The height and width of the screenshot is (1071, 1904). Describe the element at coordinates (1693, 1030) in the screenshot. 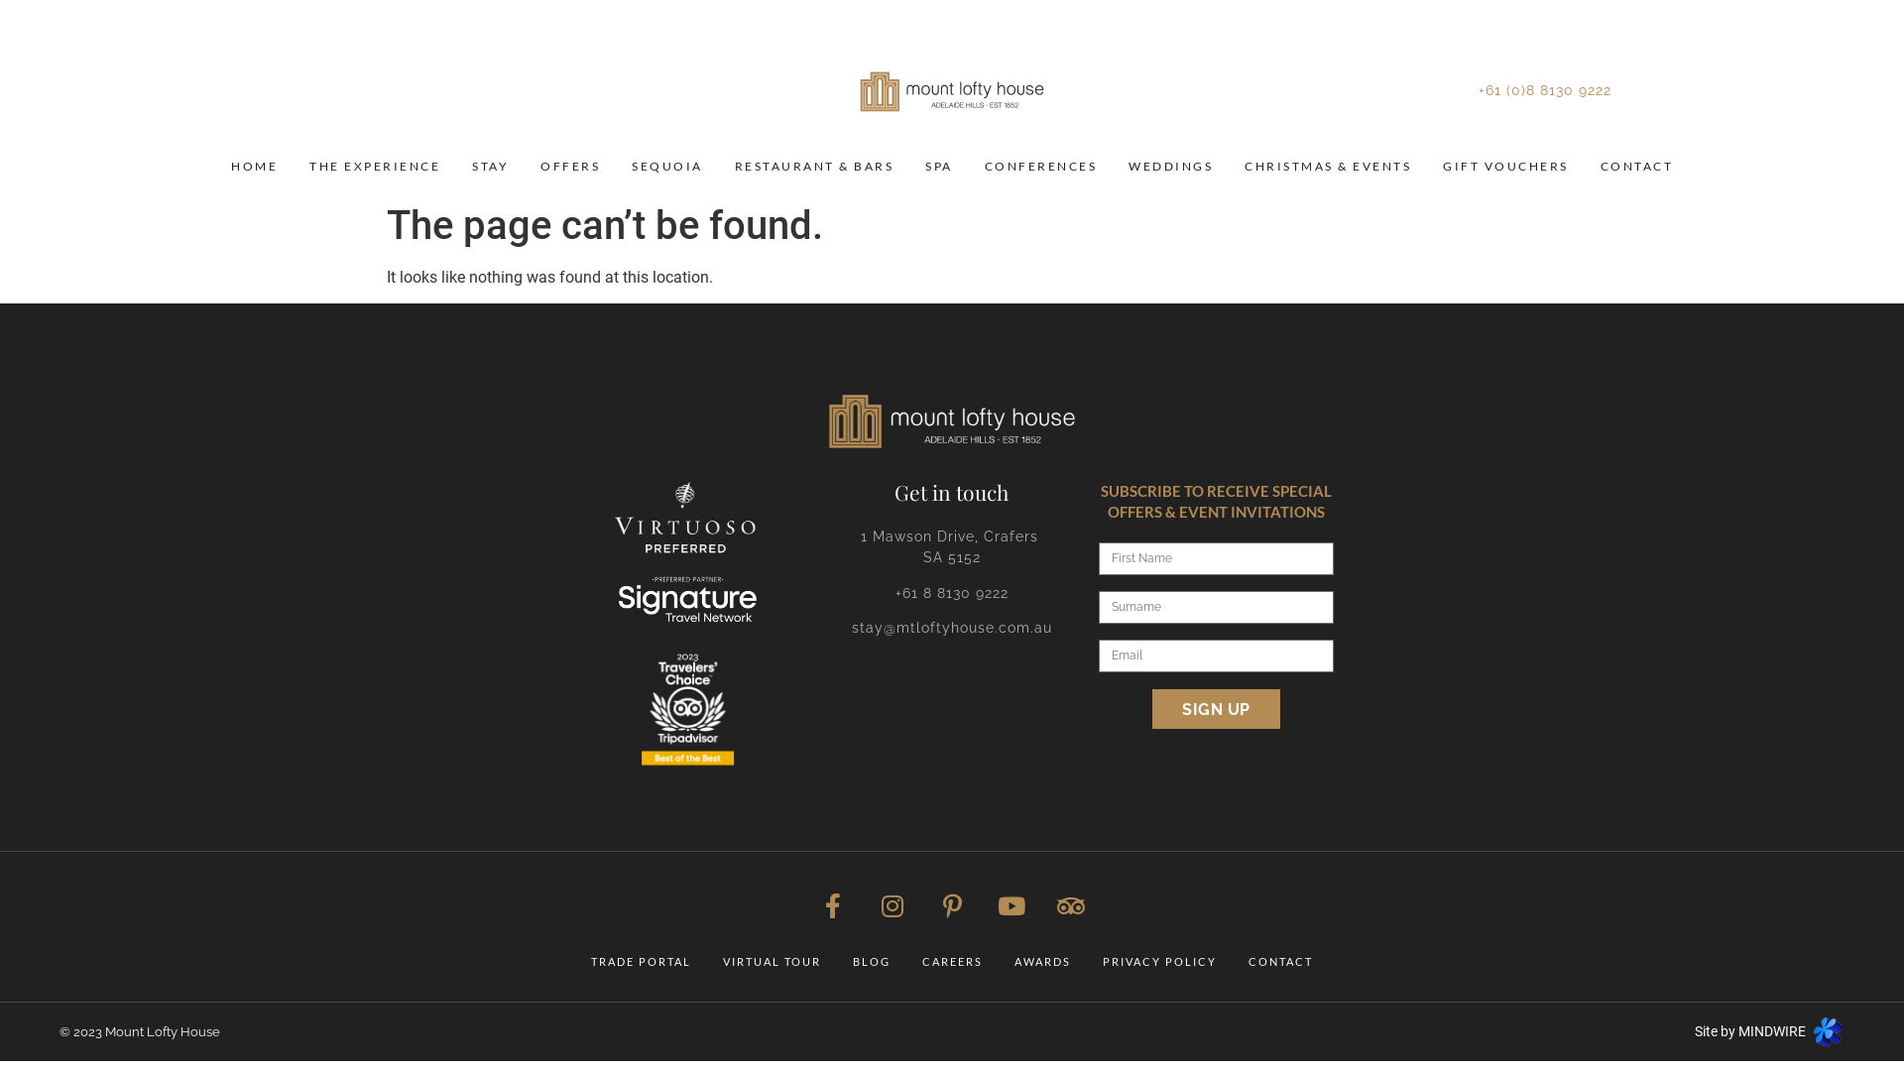

I see `'Site by MINDWIRE'` at that location.